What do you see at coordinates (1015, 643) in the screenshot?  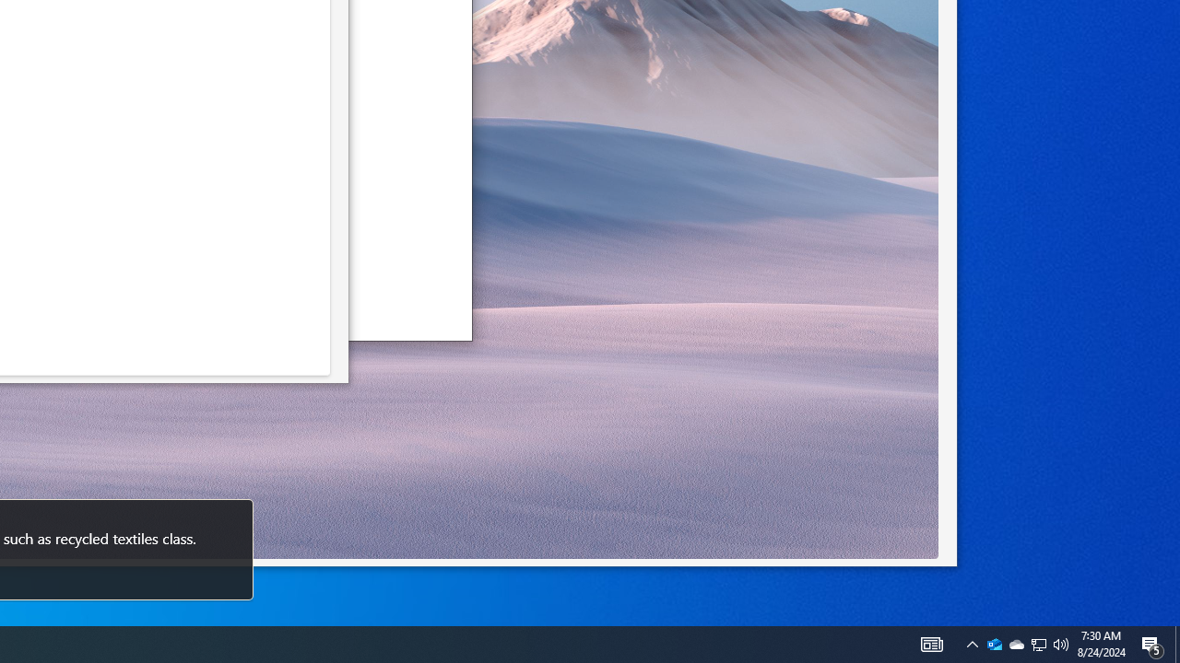 I see `'System Promoted Notification Area'` at bounding box center [1015, 643].